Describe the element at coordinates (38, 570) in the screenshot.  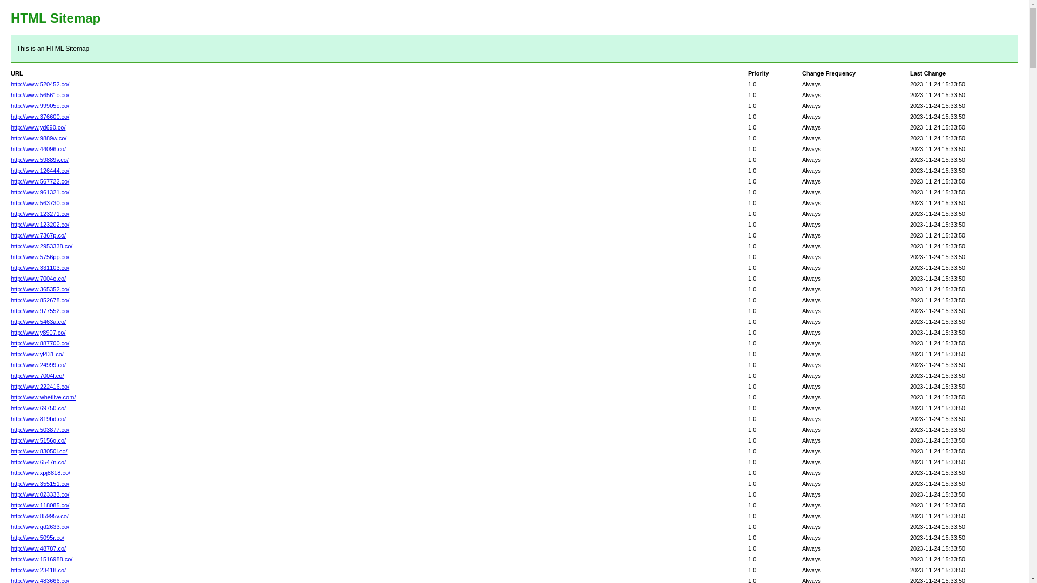
I see `'http://www.23418.co/'` at that location.